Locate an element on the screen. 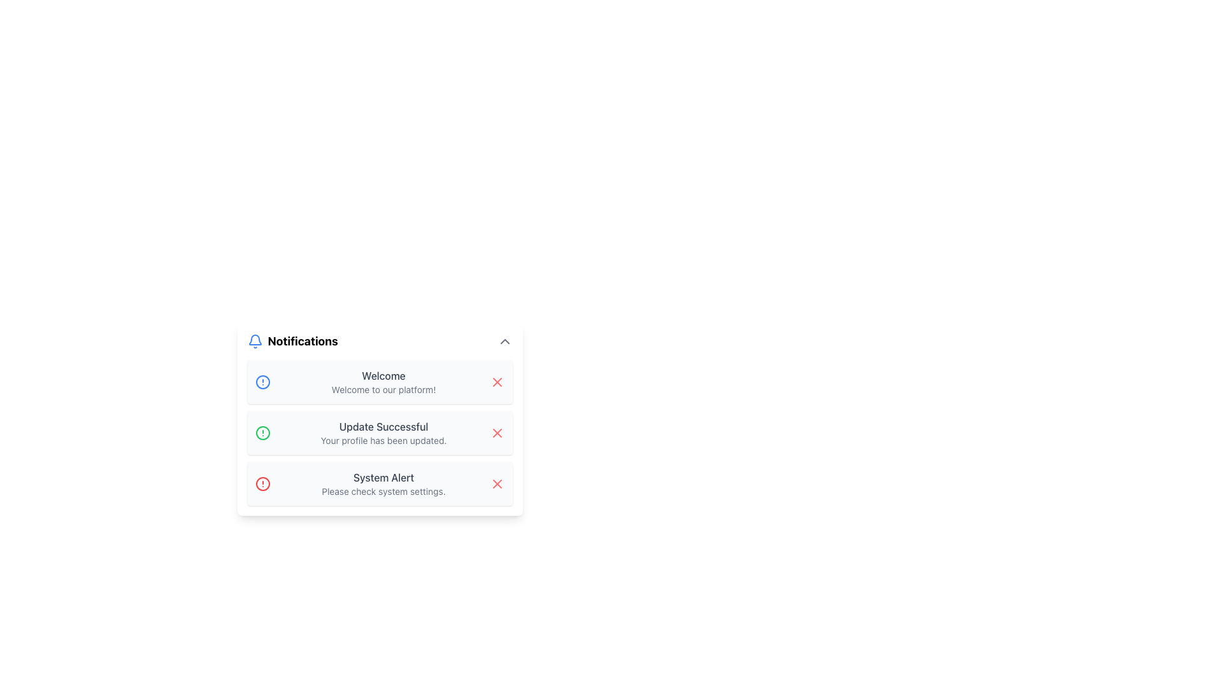  supporting text that clarifies the 'System Alert' notification title located directly below it in the notifications panel is located at coordinates (383, 490).